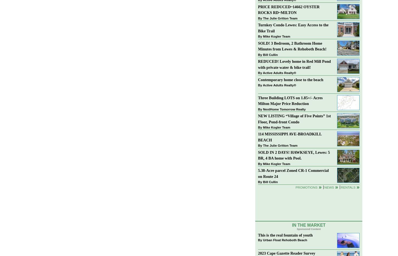 This screenshot has width=398, height=256. Describe the element at coordinates (294, 64) in the screenshot. I see `'REDUCED! Lovely home in Red Mill Pond with private water & bike trail!'` at that location.